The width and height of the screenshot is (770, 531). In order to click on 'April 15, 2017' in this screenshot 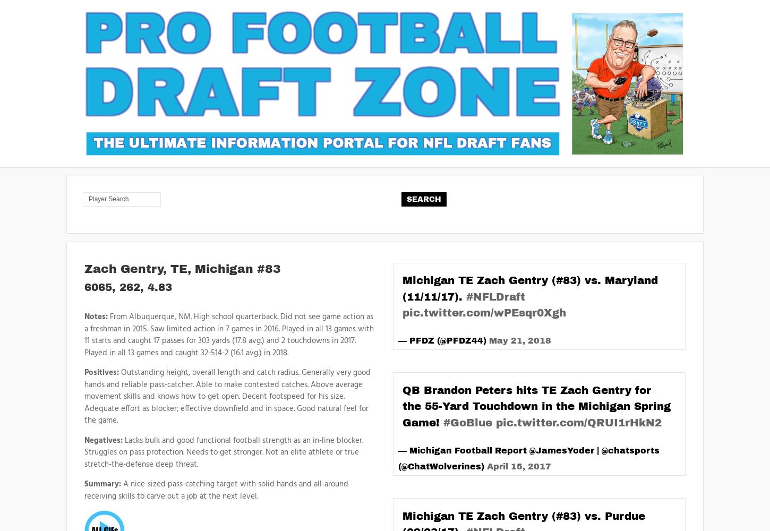, I will do `click(486, 466)`.